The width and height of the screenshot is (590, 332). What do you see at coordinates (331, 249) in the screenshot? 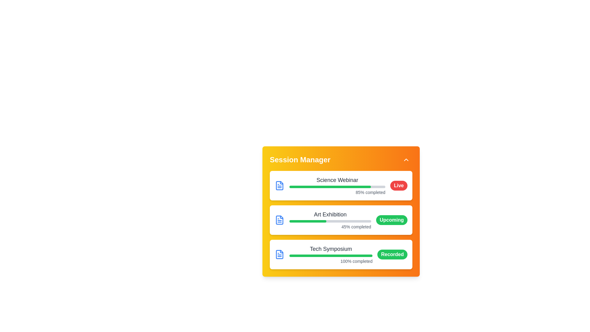
I see `the descriptive header text label for the 'Tech Symposium' progress tracker, which is positioned at the top of its grouping` at bounding box center [331, 249].